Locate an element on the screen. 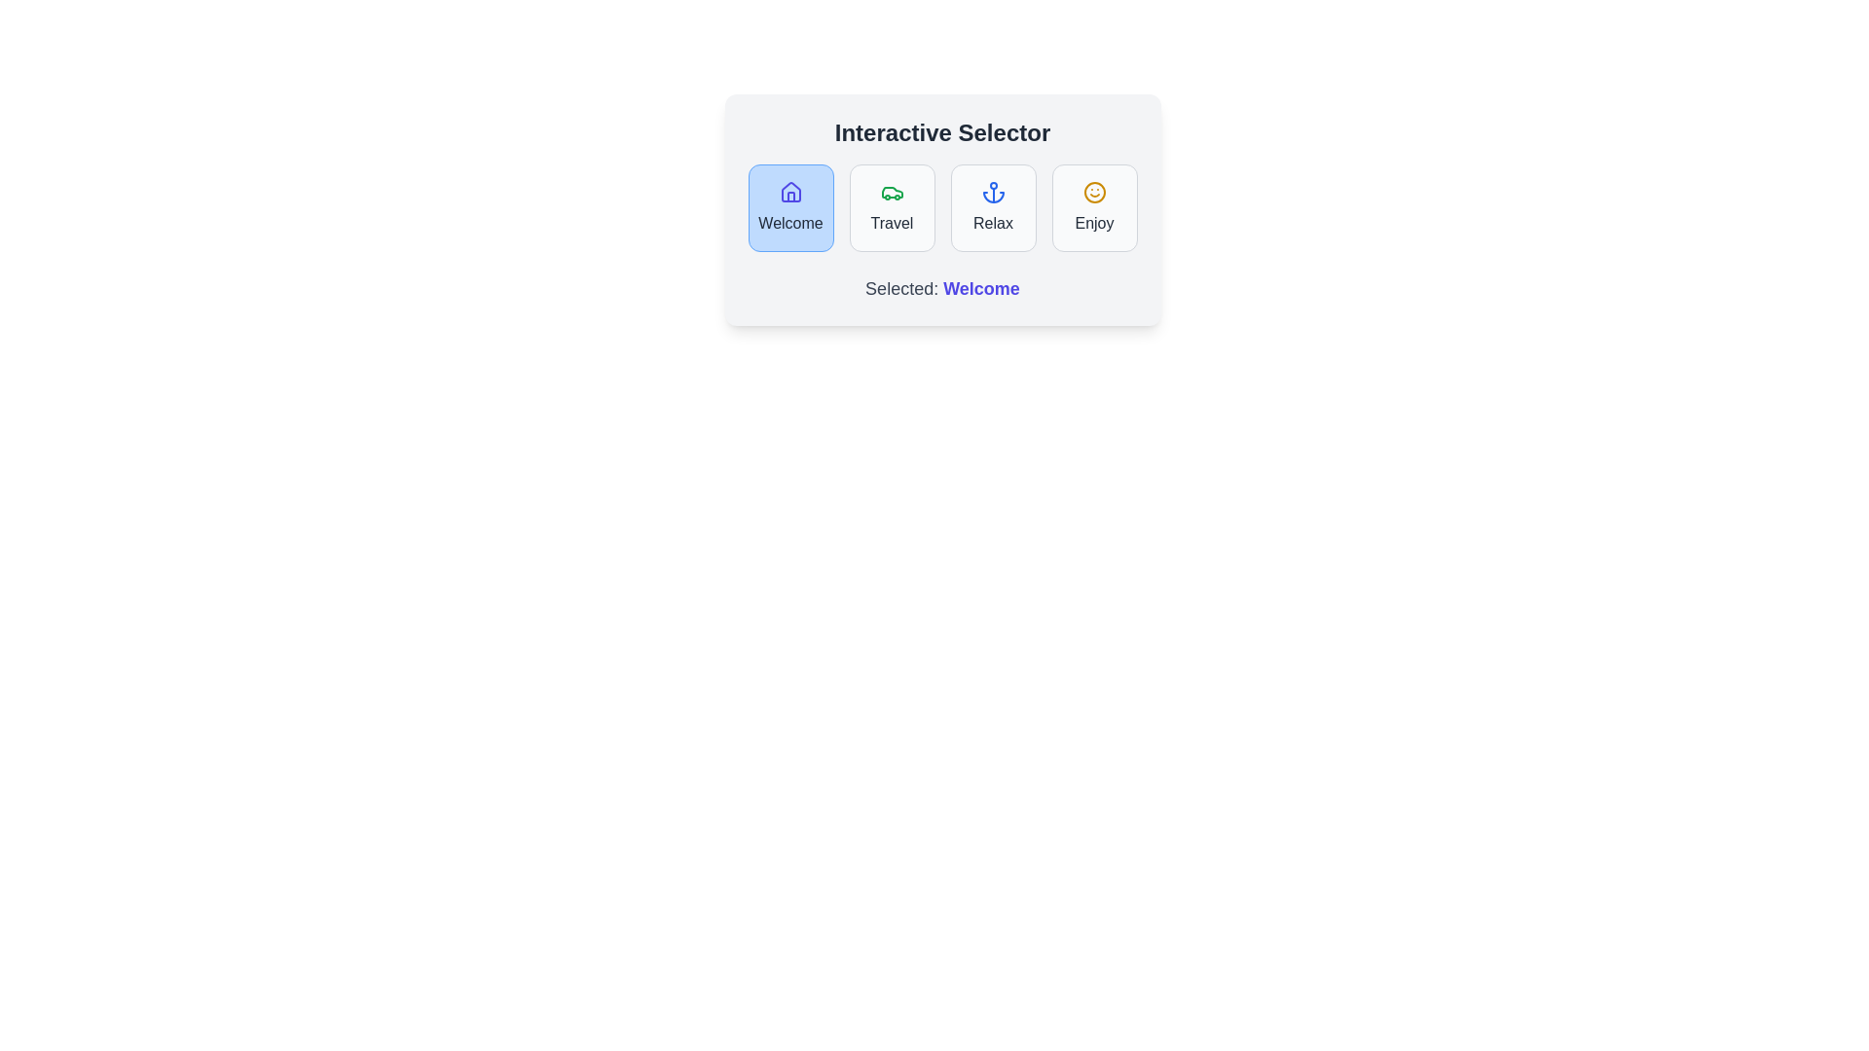 This screenshot has width=1869, height=1051. the green car icon within the 'Travel' button is located at coordinates (891, 192).